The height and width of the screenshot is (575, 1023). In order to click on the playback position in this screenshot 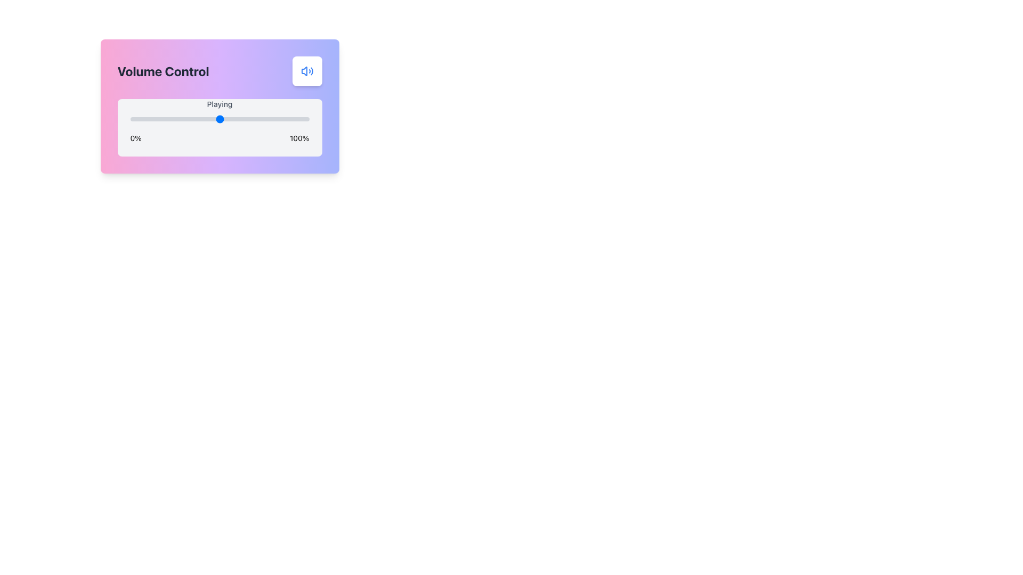, I will do `click(167, 119)`.